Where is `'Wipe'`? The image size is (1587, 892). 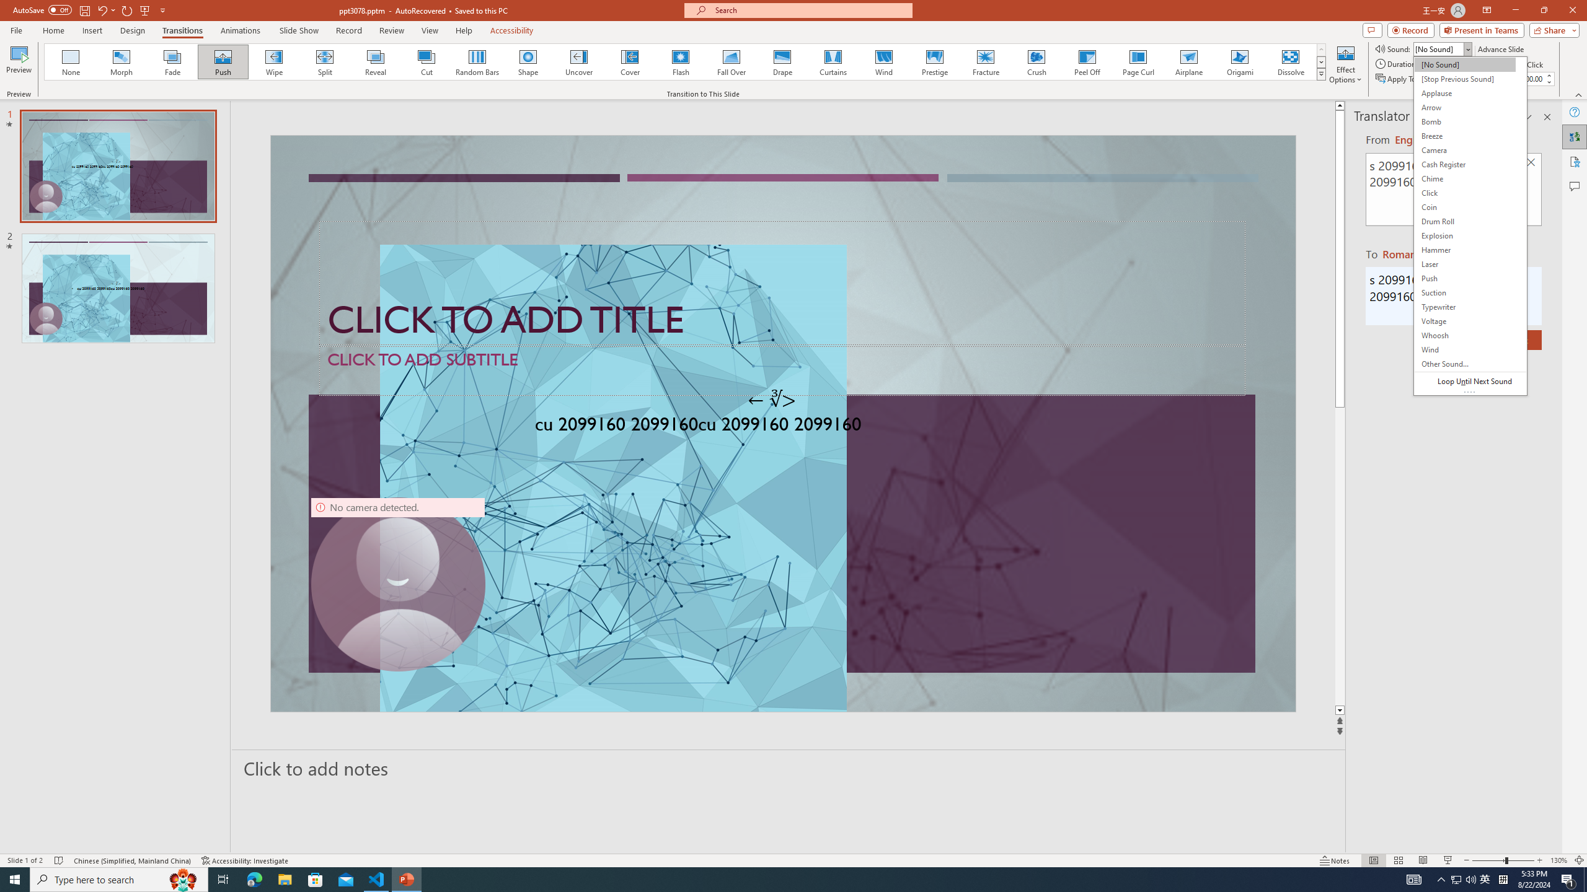 'Wipe' is located at coordinates (273, 61).